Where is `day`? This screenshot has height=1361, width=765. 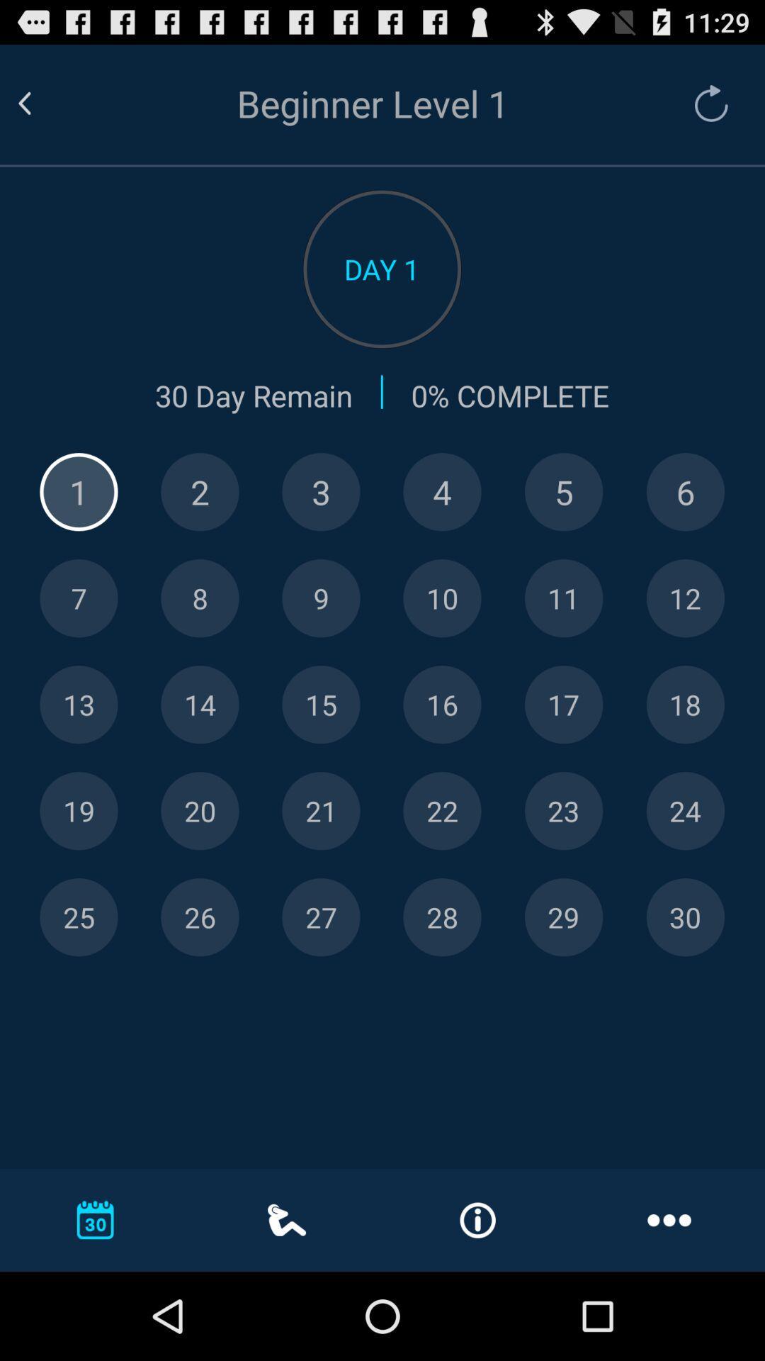 day is located at coordinates (684, 811).